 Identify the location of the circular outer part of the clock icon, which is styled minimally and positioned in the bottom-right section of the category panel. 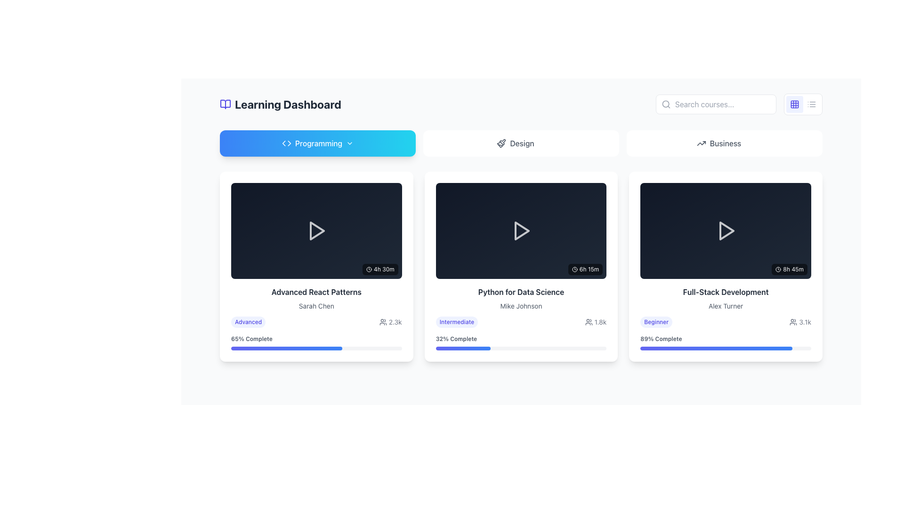
(368, 269).